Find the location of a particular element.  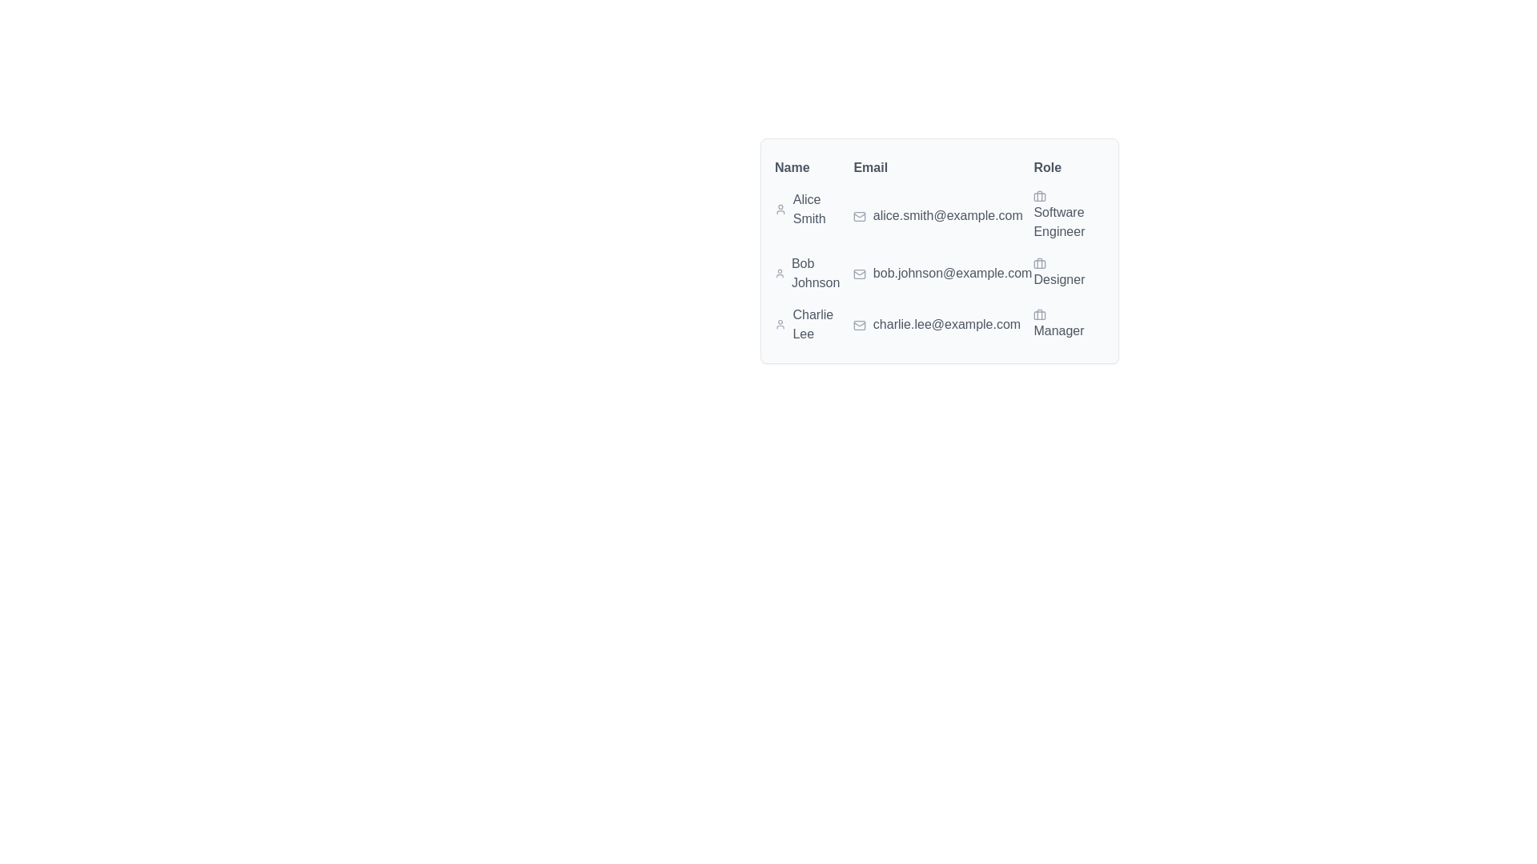

the small gray mail icon with a rectangular outline, located in the Email column of the first row is located at coordinates (859, 216).